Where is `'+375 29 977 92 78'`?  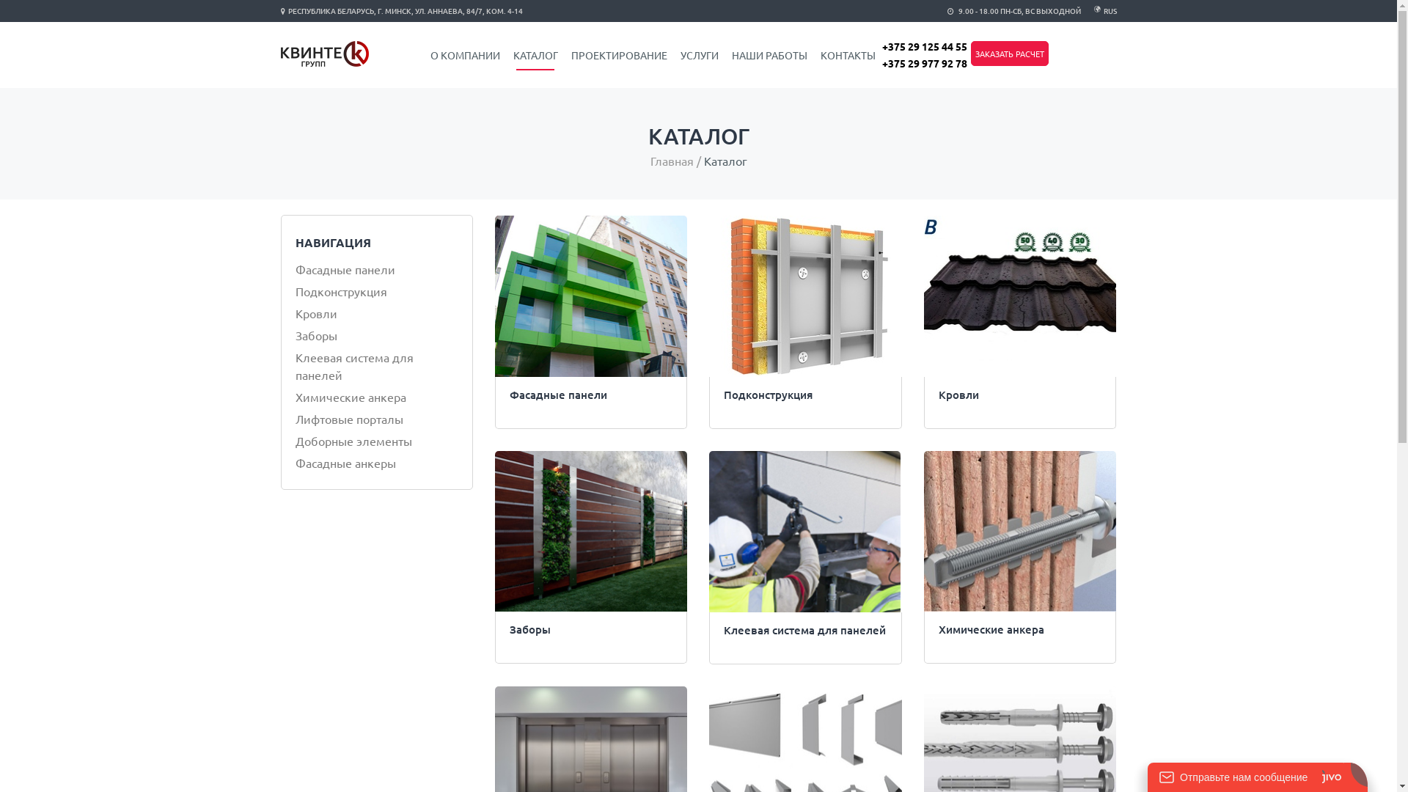 '+375 29 977 92 78' is located at coordinates (923, 62).